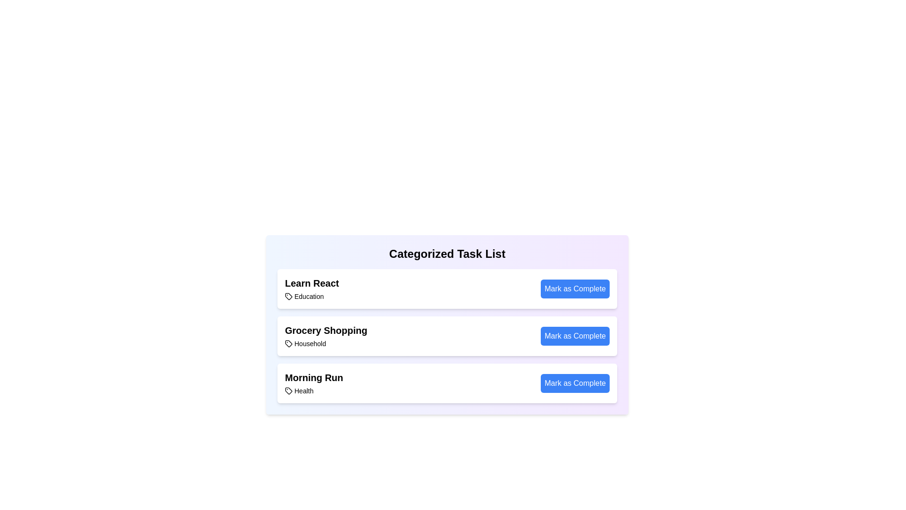 This screenshot has width=906, height=510. What do you see at coordinates (575, 336) in the screenshot?
I see `the 'Mark as Complete' button for the task labeled 'Grocery Shopping'` at bounding box center [575, 336].